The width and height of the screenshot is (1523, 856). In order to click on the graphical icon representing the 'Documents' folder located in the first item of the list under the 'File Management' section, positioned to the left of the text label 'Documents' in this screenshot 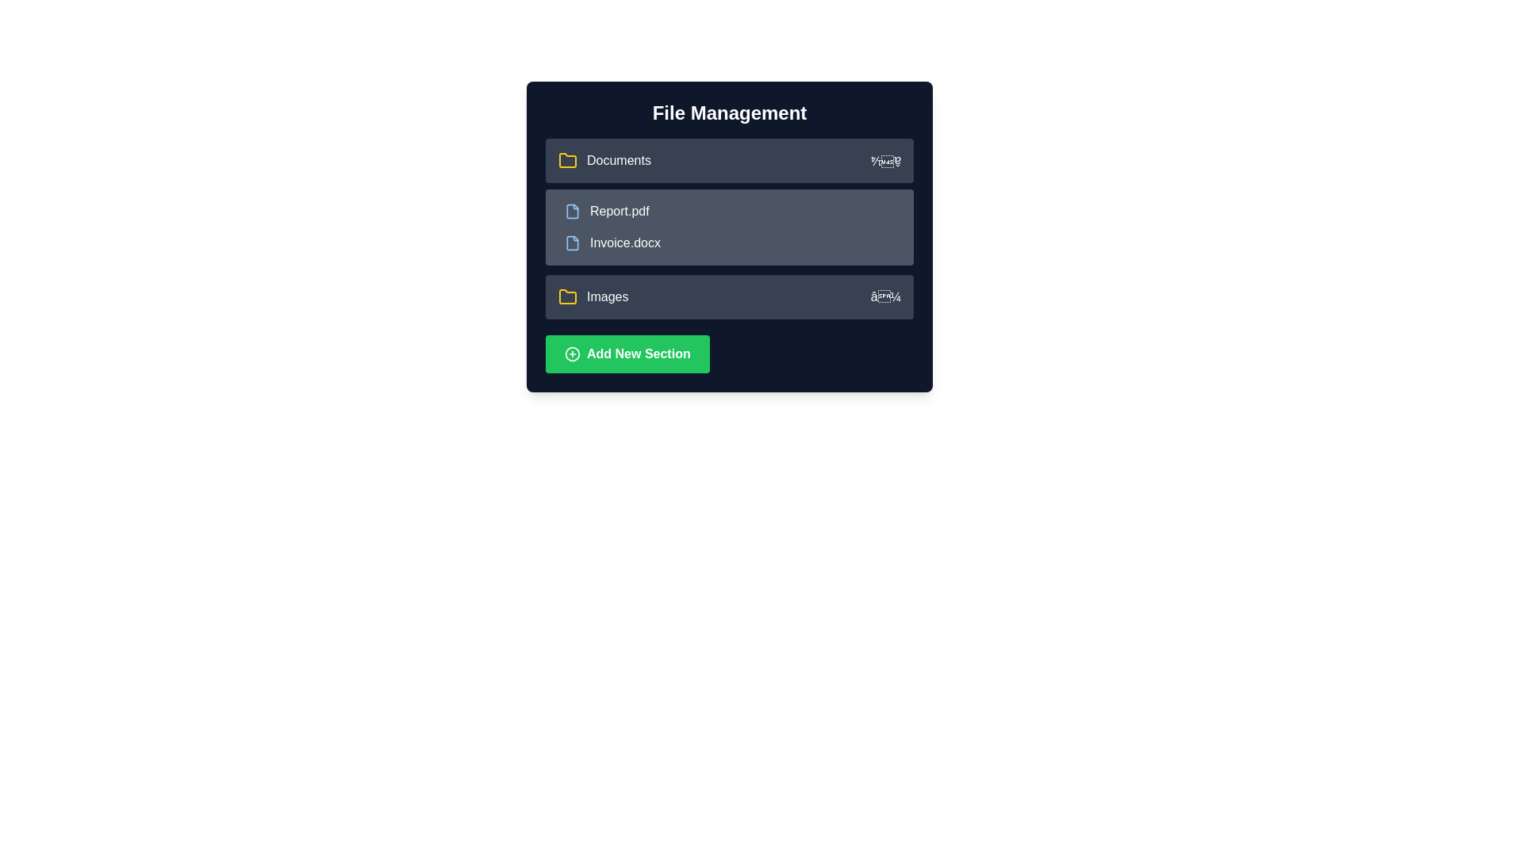, I will do `click(567, 160)`.